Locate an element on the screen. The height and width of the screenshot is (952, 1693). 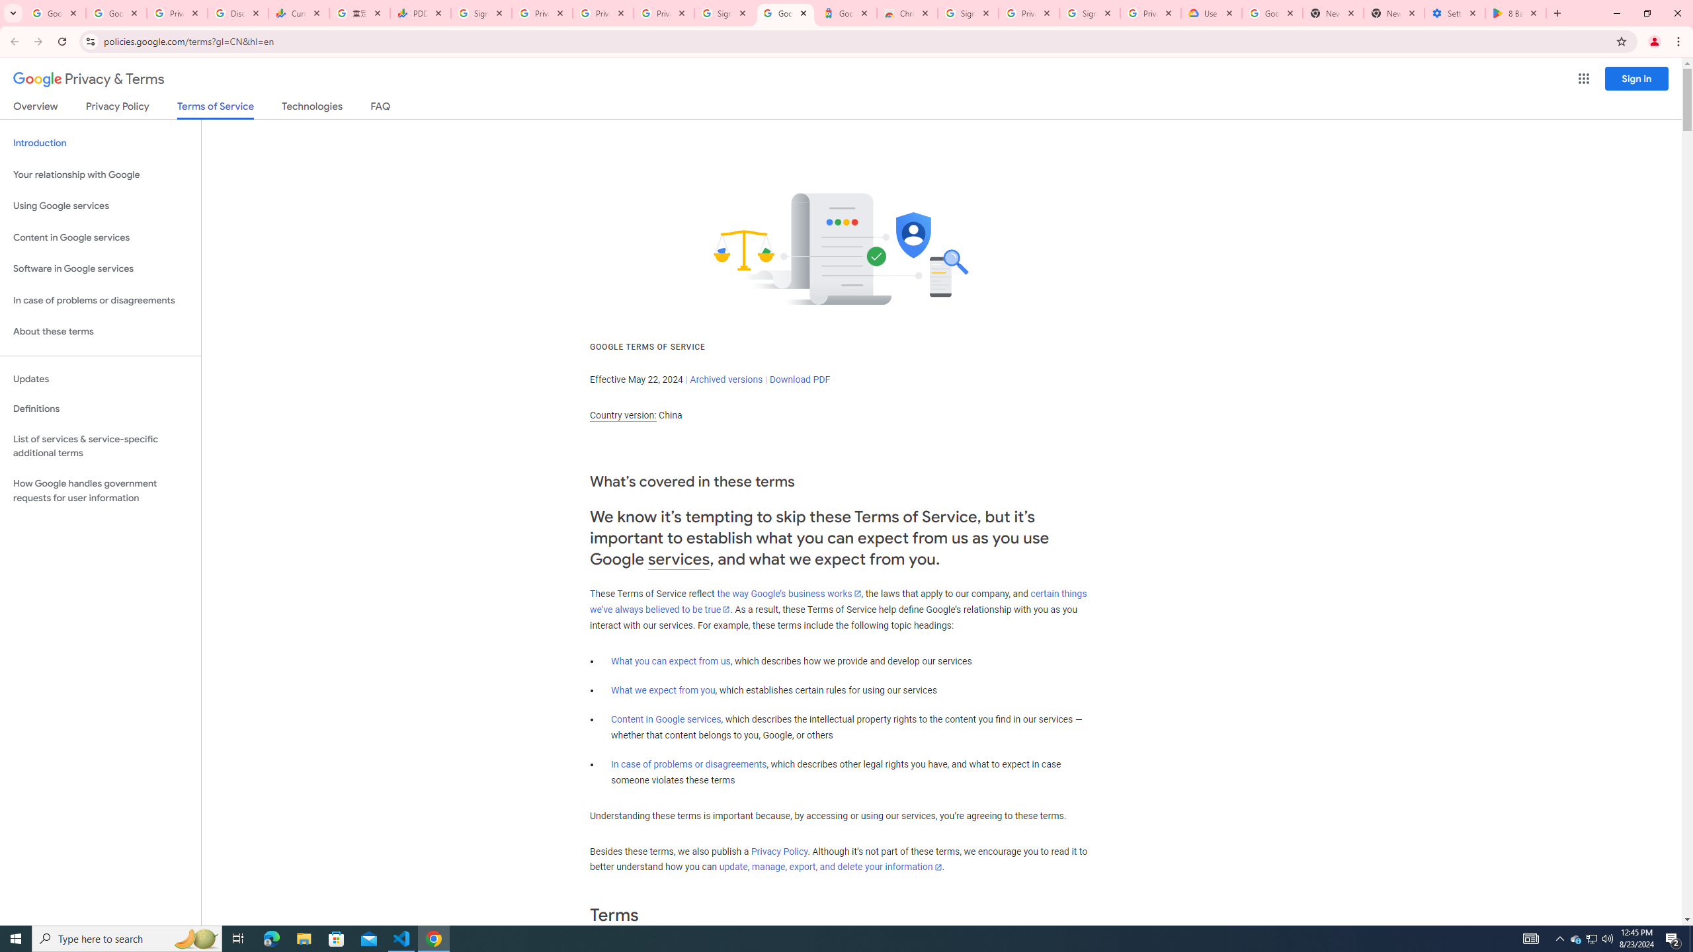
'How Google handles government requests for user information' is located at coordinates (100, 491).